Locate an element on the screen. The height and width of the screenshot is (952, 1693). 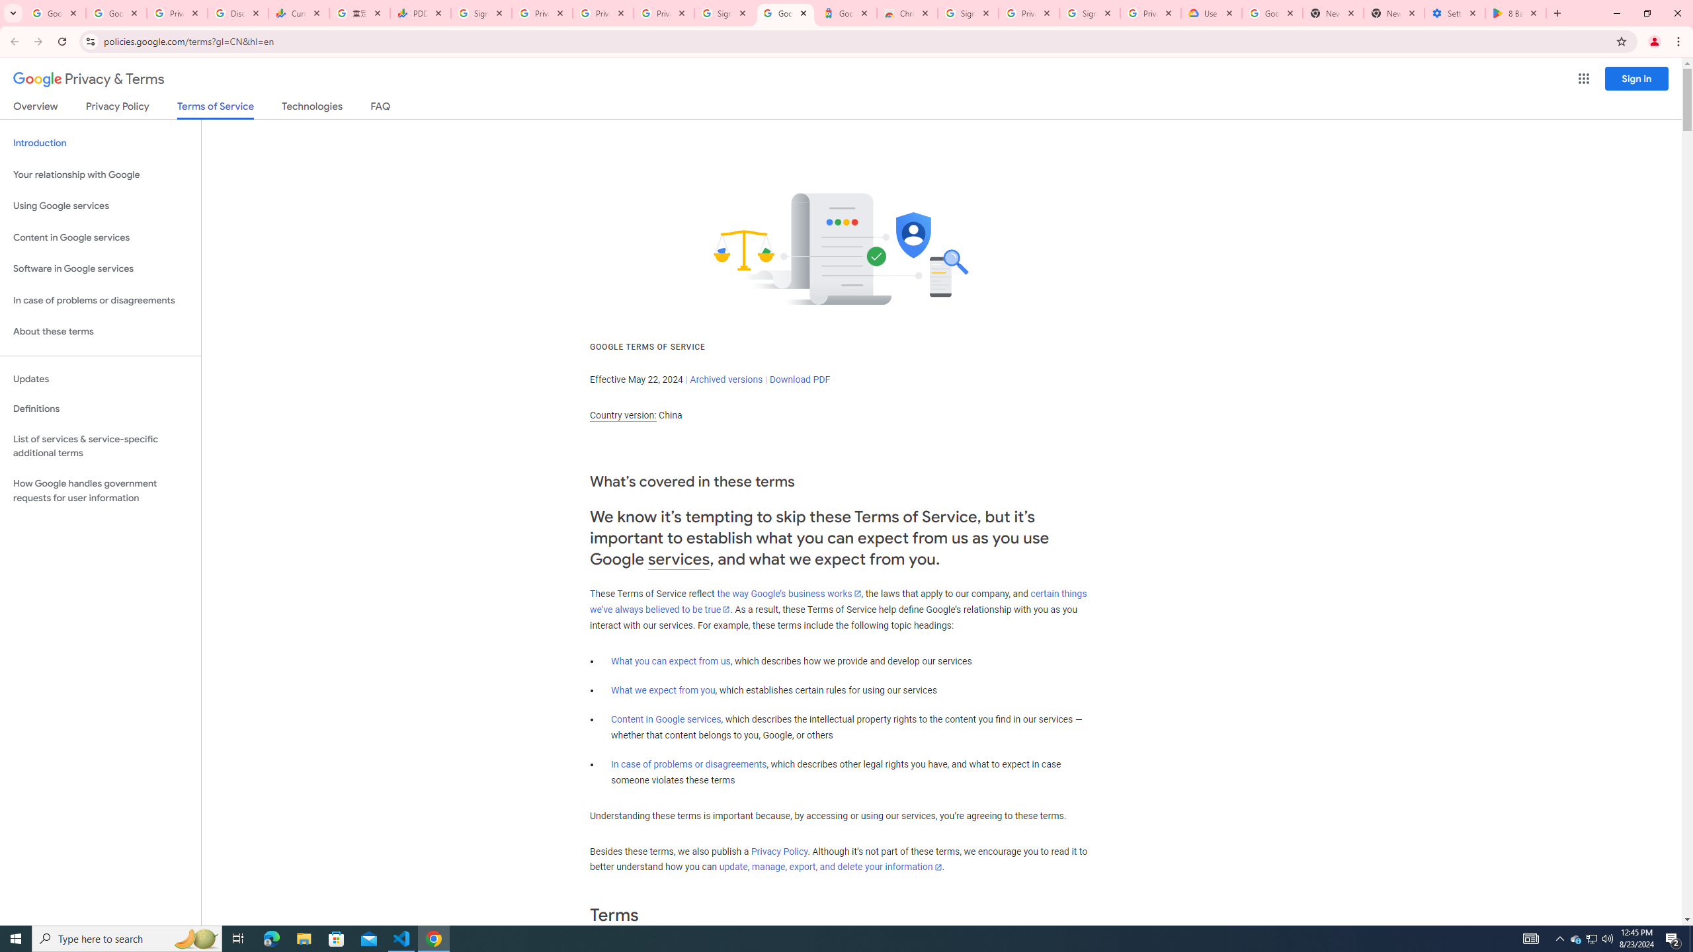
'How Google handles government requests for user information' is located at coordinates (100, 491).